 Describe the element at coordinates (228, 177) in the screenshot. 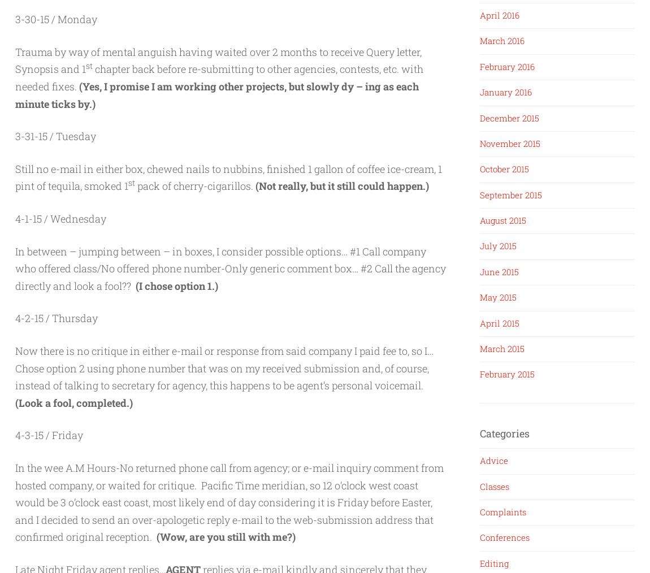

I see `'Still no e-mail in either box, chewed nails to nubbins, finished 1 gallon of coffee ice-cream, 1 pint of tequila, smoked 1'` at that location.